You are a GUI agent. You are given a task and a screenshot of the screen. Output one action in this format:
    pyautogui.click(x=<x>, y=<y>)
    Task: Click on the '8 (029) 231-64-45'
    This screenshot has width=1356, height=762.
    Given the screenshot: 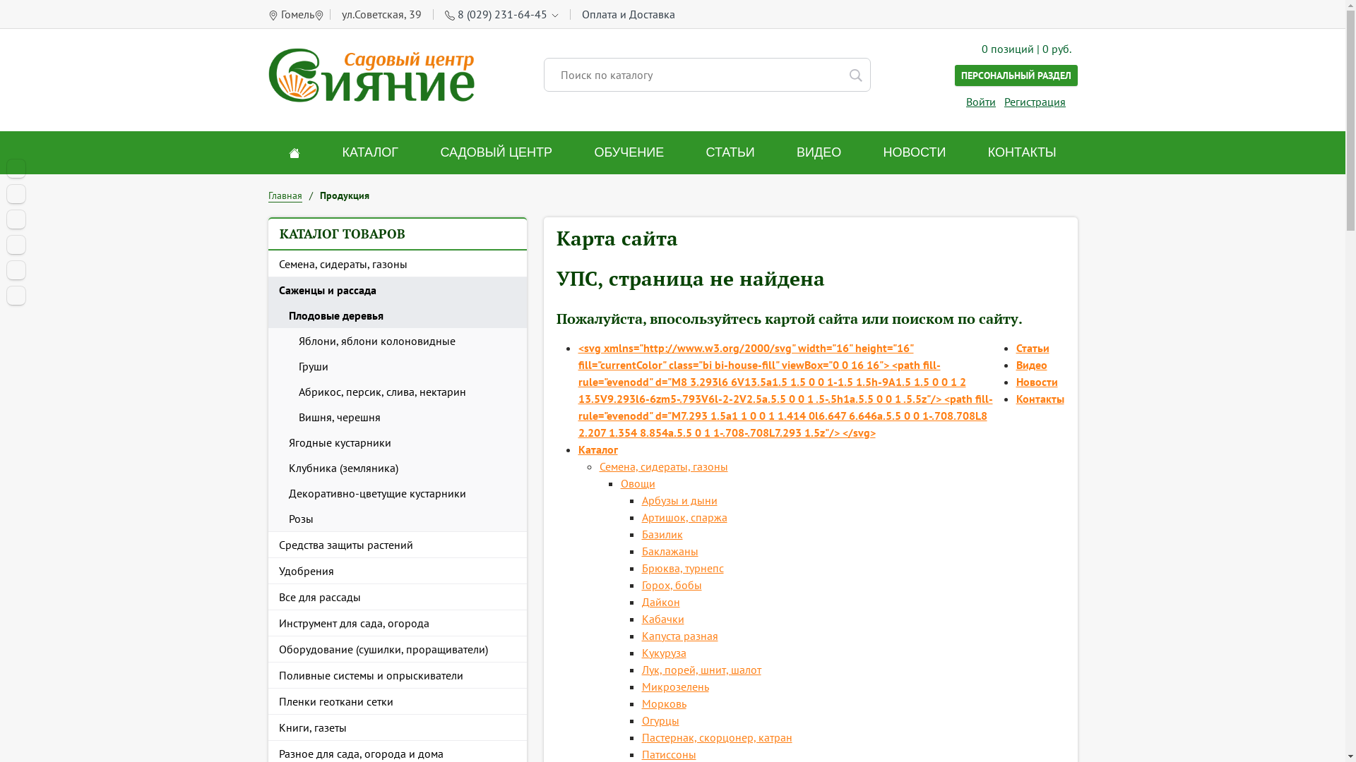 What is the action you would take?
    pyautogui.click(x=502, y=13)
    